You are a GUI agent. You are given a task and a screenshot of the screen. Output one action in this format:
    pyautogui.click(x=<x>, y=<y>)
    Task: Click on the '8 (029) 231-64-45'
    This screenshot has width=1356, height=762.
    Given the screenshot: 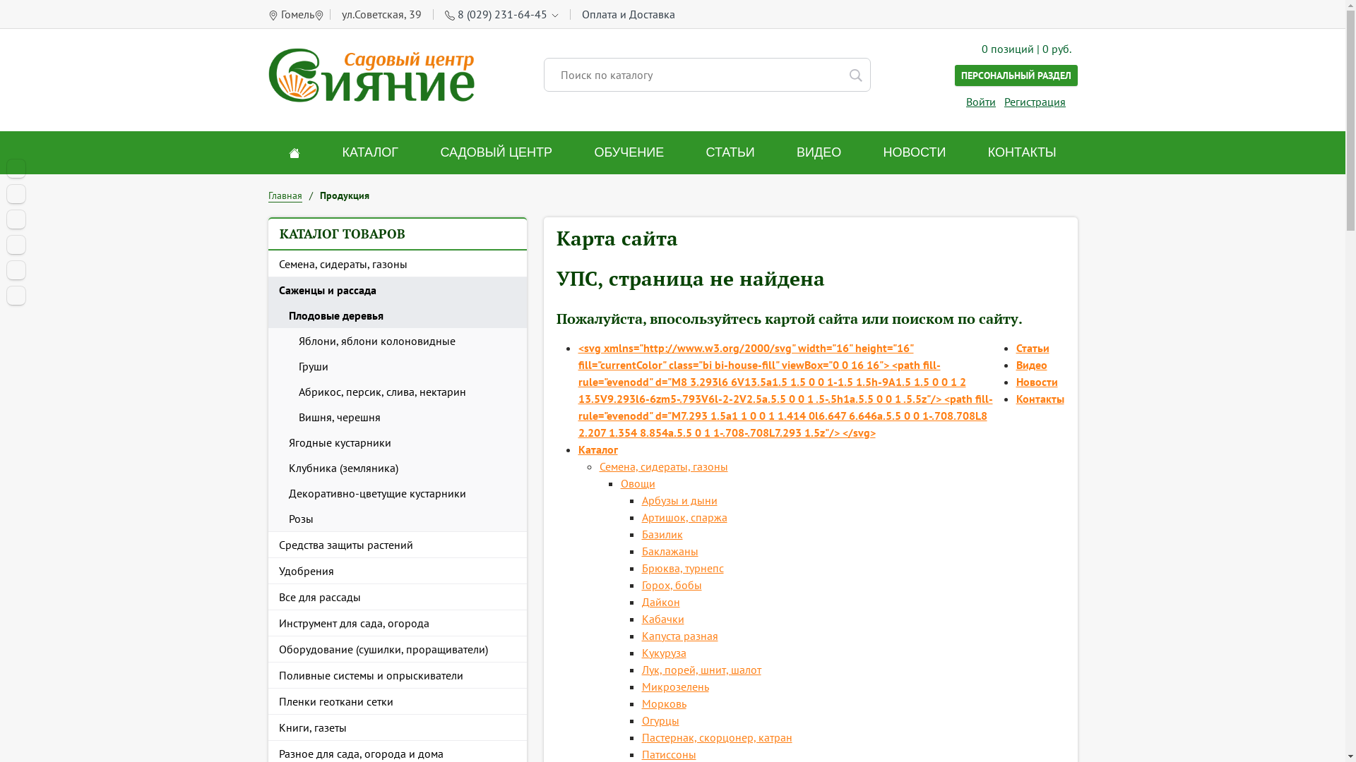 What is the action you would take?
    pyautogui.click(x=502, y=13)
    